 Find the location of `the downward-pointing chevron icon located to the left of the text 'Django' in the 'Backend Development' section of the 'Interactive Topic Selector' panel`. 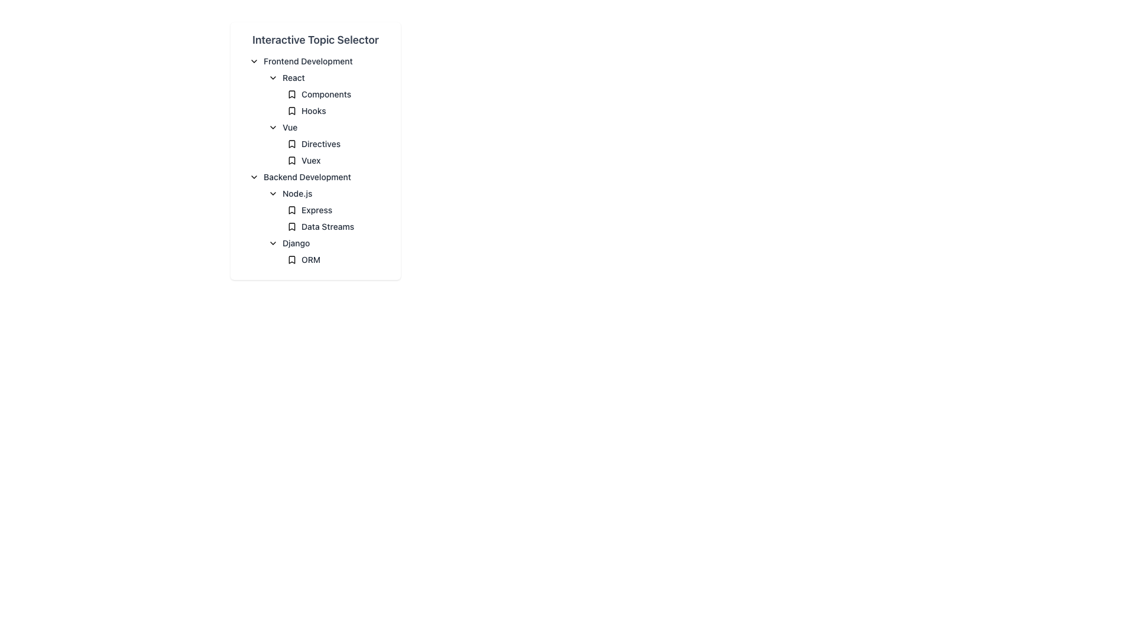

the downward-pointing chevron icon located to the left of the text 'Django' in the 'Backend Development' section of the 'Interactive Topic Selector' panel is located at coordinates (272, 243).